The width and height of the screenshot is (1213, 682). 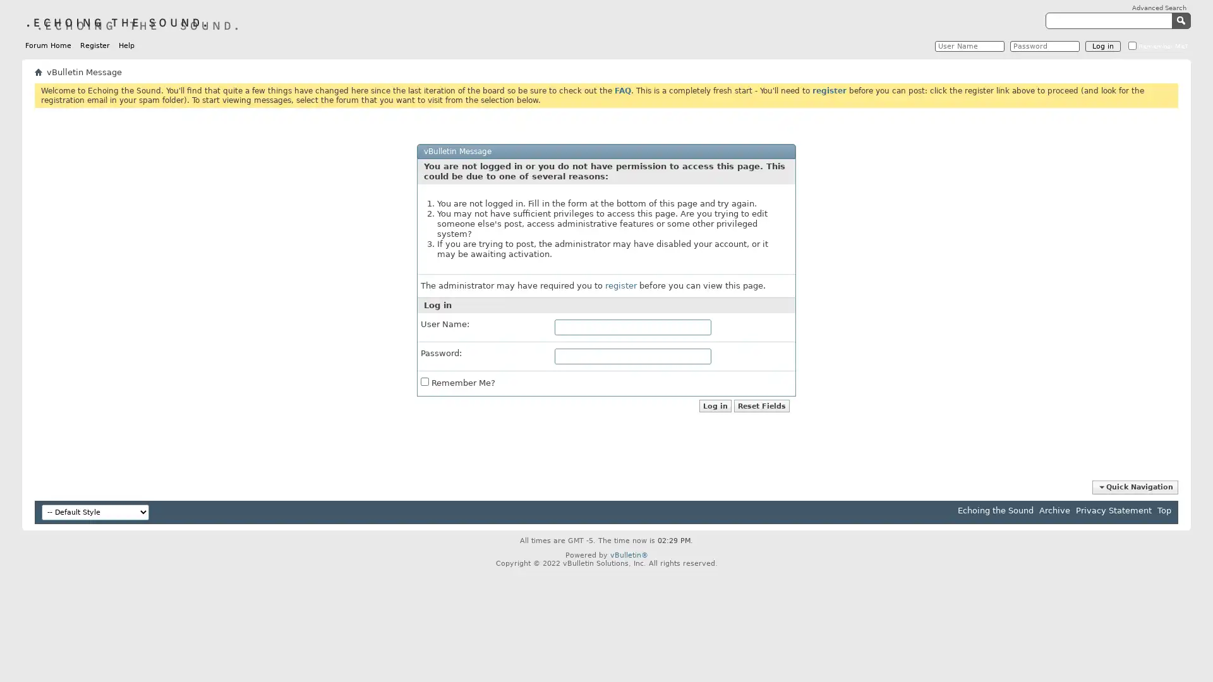 I want to click on Reset Fields, so click(x=761, y=406).